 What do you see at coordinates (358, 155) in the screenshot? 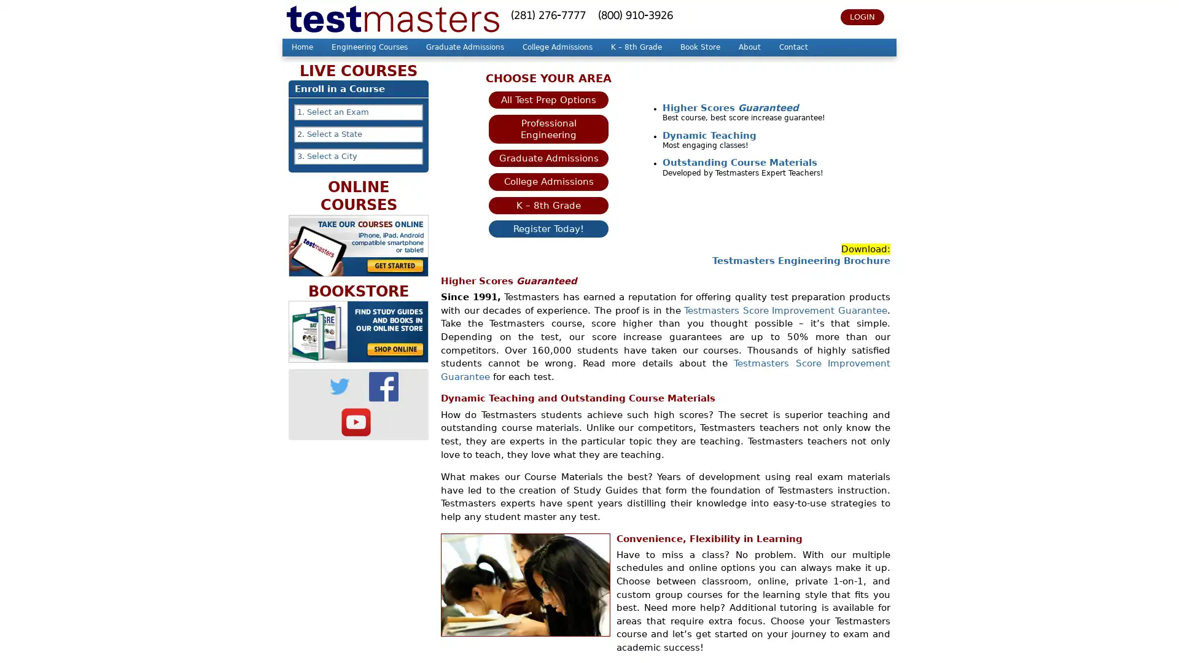
I see `3. Select a City` at bounding box center [358, 155].